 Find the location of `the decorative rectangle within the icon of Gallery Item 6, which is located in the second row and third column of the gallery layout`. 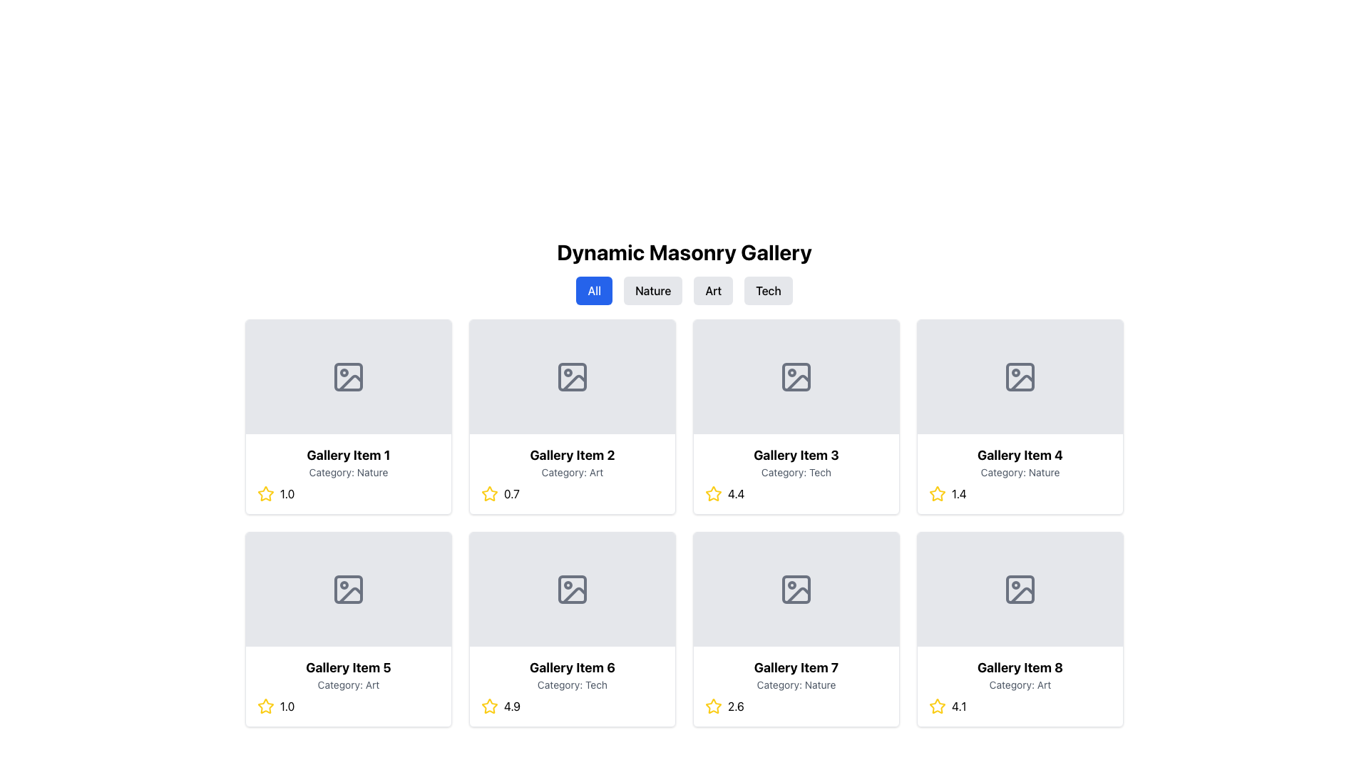

the decorative rectangle within the icon of Gallery Item 6, which is located in the second row and third column of the gallery layout is located at coordinates (572, 589).